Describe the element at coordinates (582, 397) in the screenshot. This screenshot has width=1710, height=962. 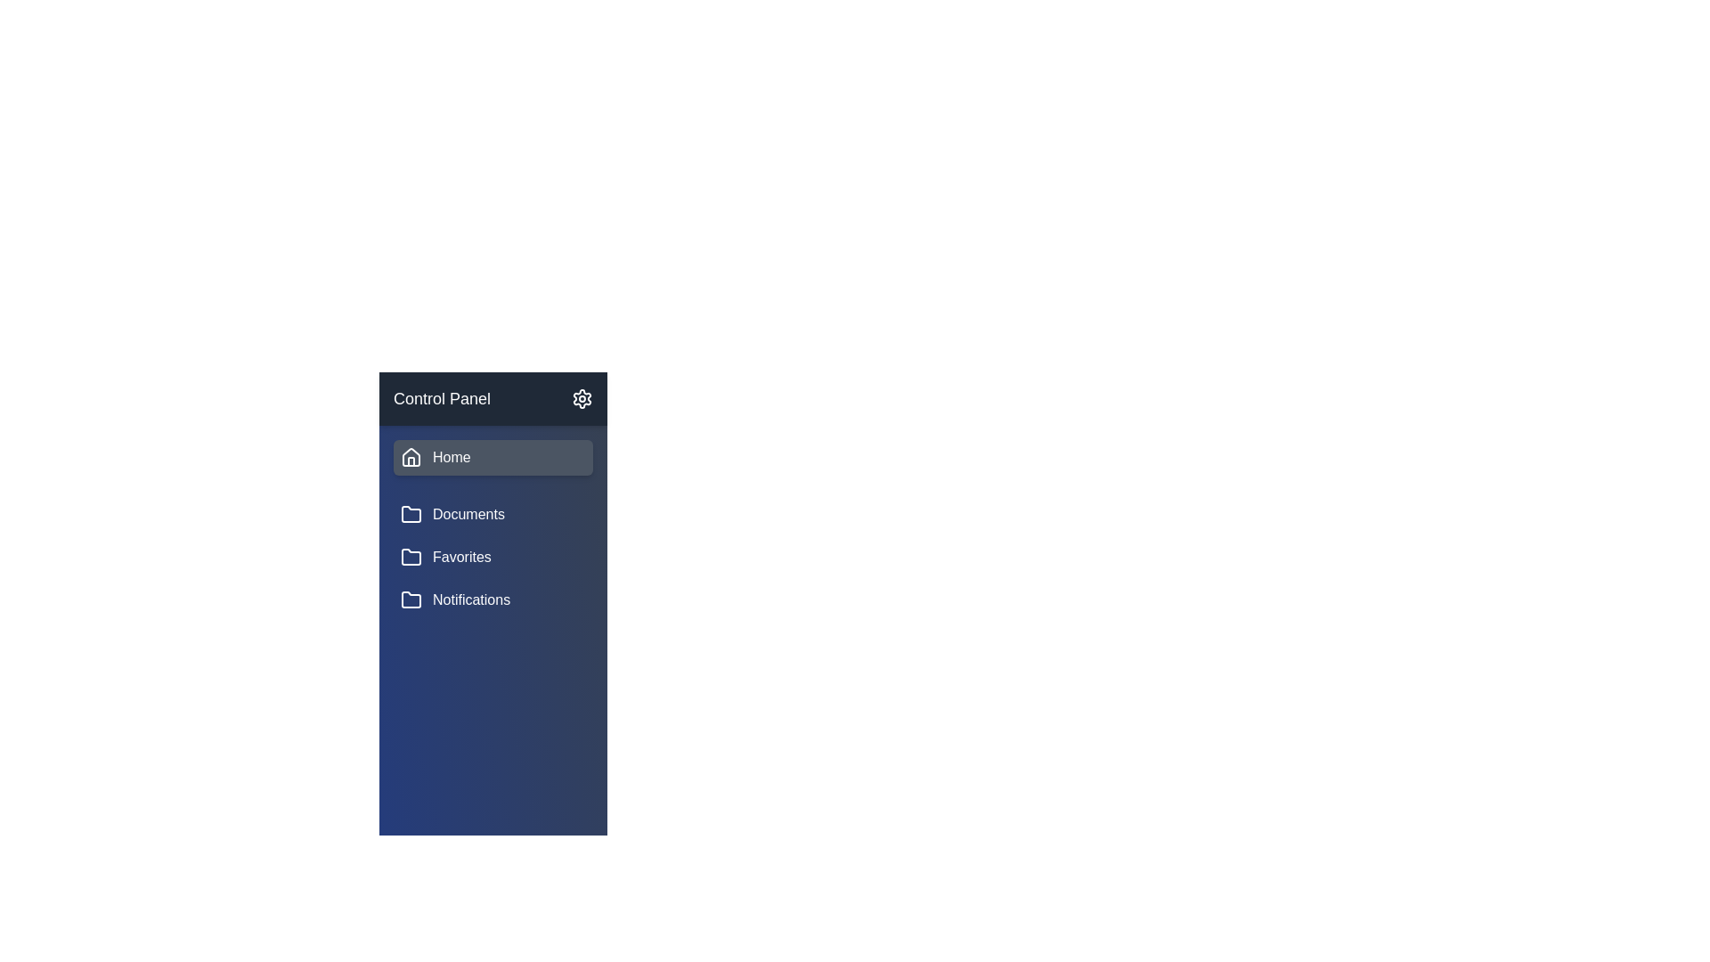
I see `the settings icon to toggle the visibility of the options section` at that location.